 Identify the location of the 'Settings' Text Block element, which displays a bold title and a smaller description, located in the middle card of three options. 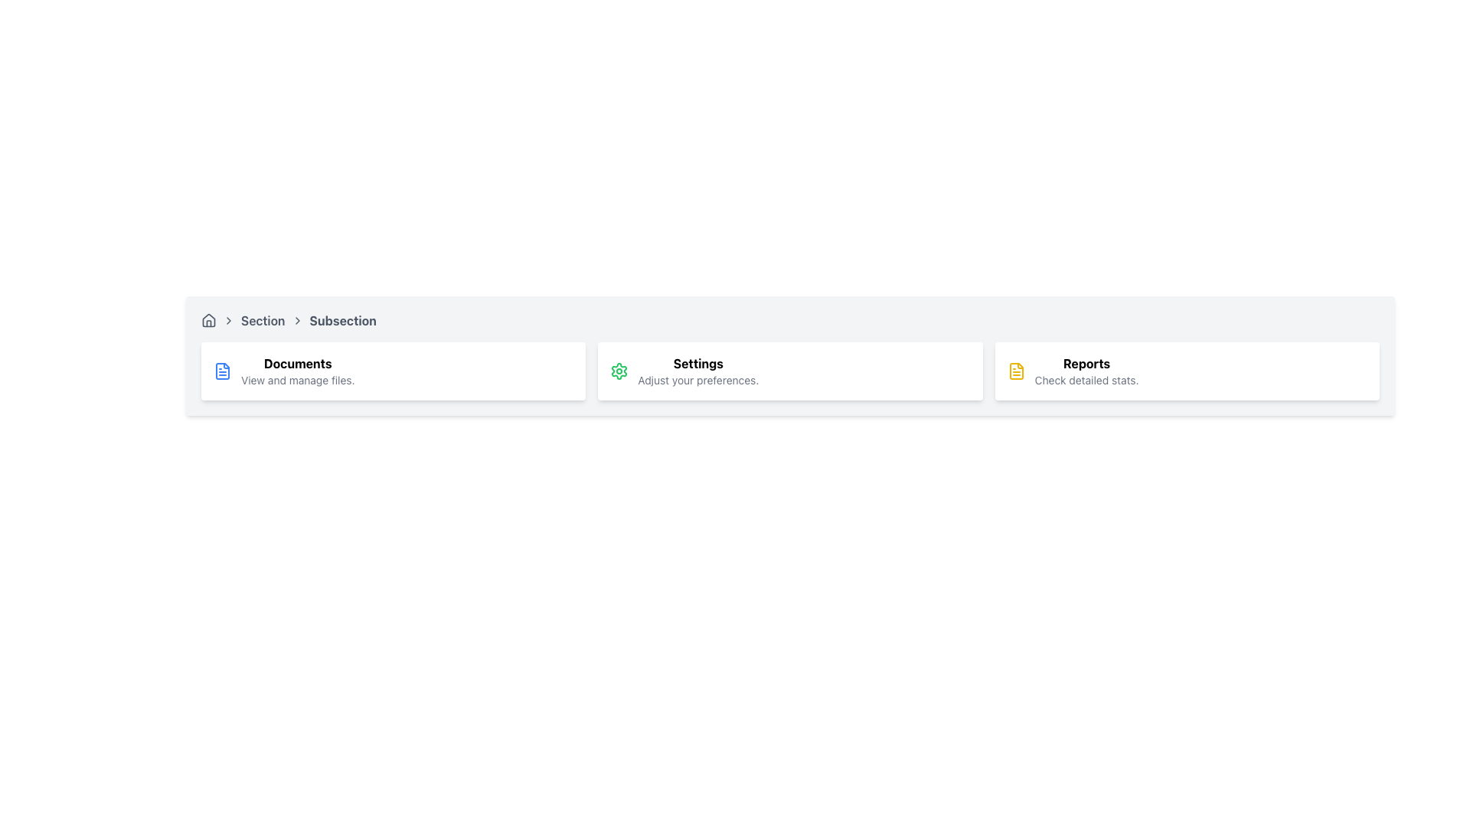
(697, 371).